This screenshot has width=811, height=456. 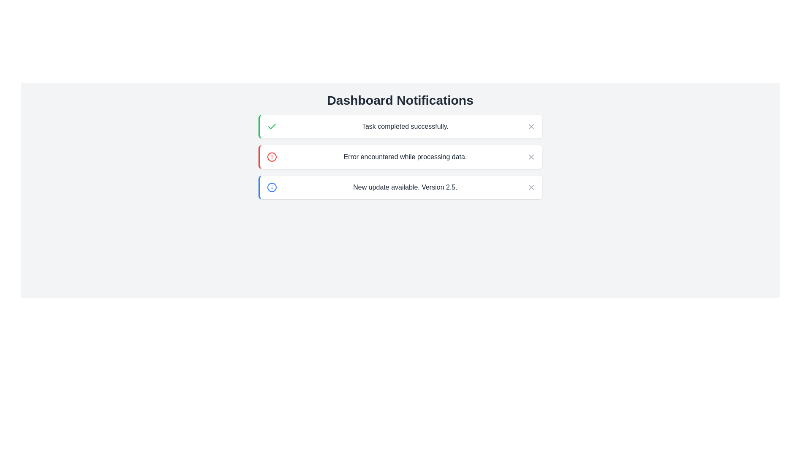 I want to click on information displayed in the text content element stating 'New update available. Version 2.5.' which is located in the third notification card, centrally aligned within a blue-bordered card, so click(x=405, y=187).